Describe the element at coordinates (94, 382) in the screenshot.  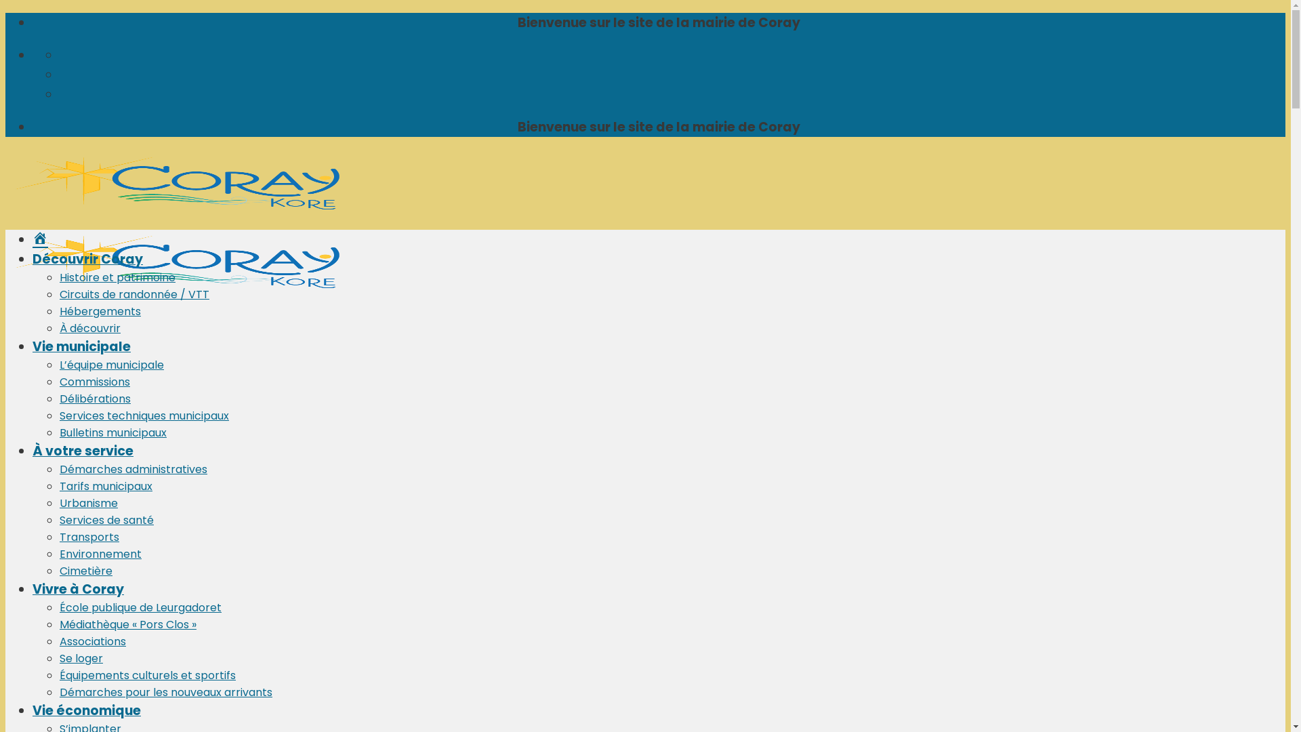
I see `'Commissions'` at that location.